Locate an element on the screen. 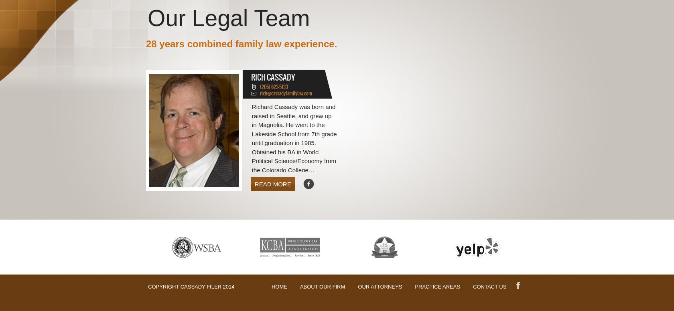  'Richard Cassady was born and raised in Seattle, and grew up in Magnolia.  He went to the Lakeside School from 7th grade until graduation in 1985.  Obtained his BA in World Political Science/Economy from the Colorado College…' is located at coordinates (294, 138).